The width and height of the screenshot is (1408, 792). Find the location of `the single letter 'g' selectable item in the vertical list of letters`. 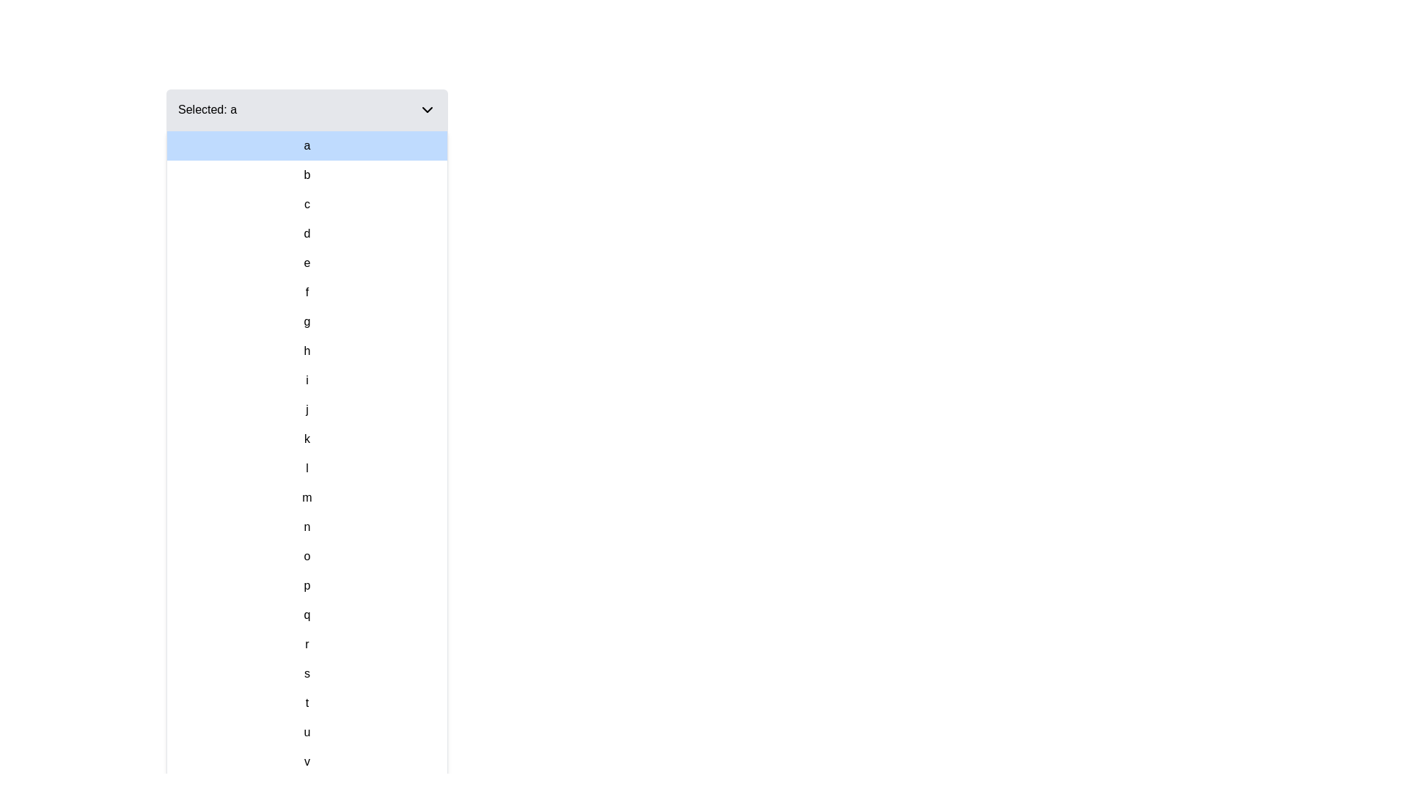

the single letter 'g' selectable item in the vertical list of letters is located at coordinates (306, 321).